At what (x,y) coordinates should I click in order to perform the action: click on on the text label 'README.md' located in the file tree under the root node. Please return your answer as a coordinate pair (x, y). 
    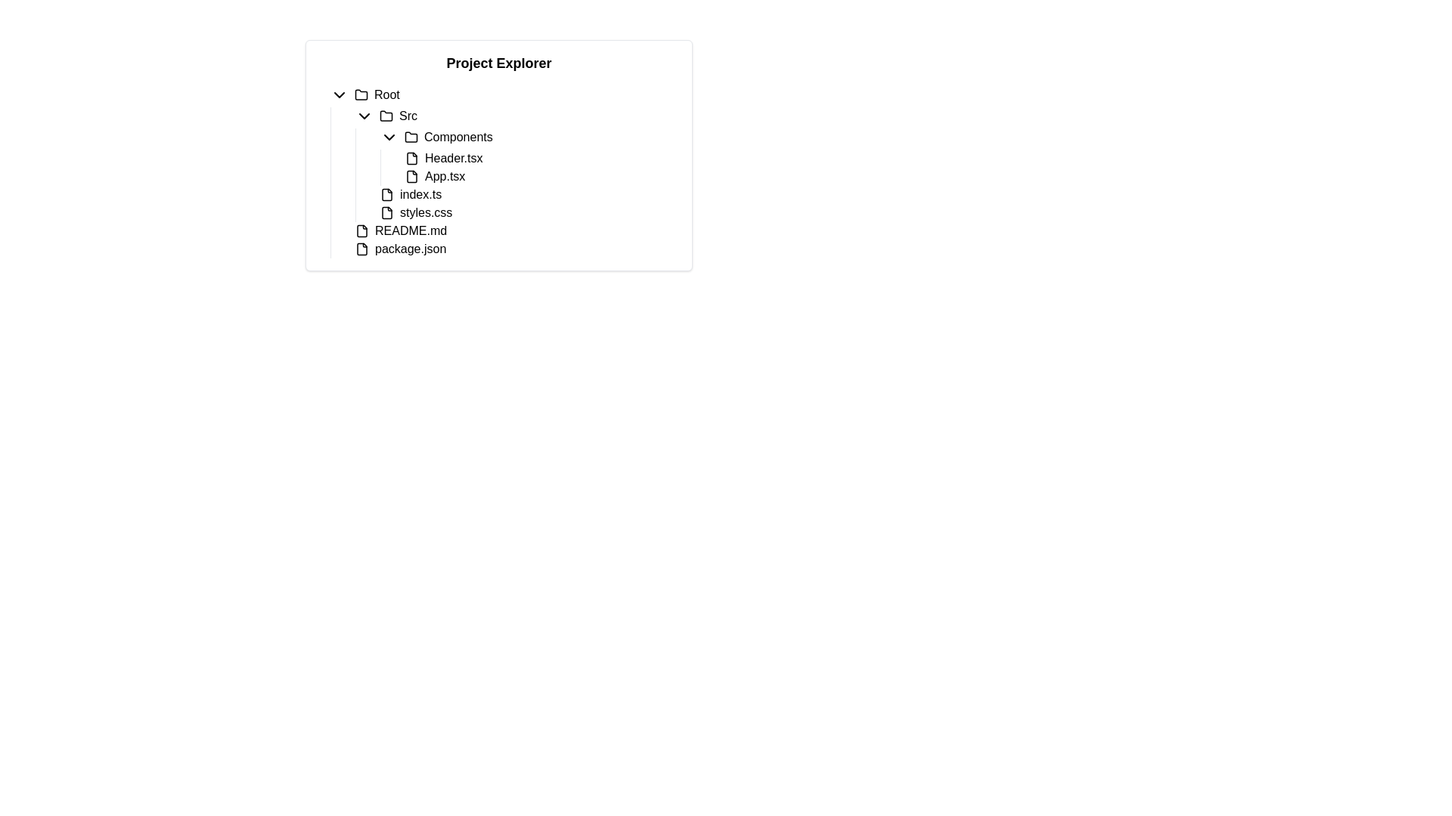
    Looking at the image, I should click on (411, 230).